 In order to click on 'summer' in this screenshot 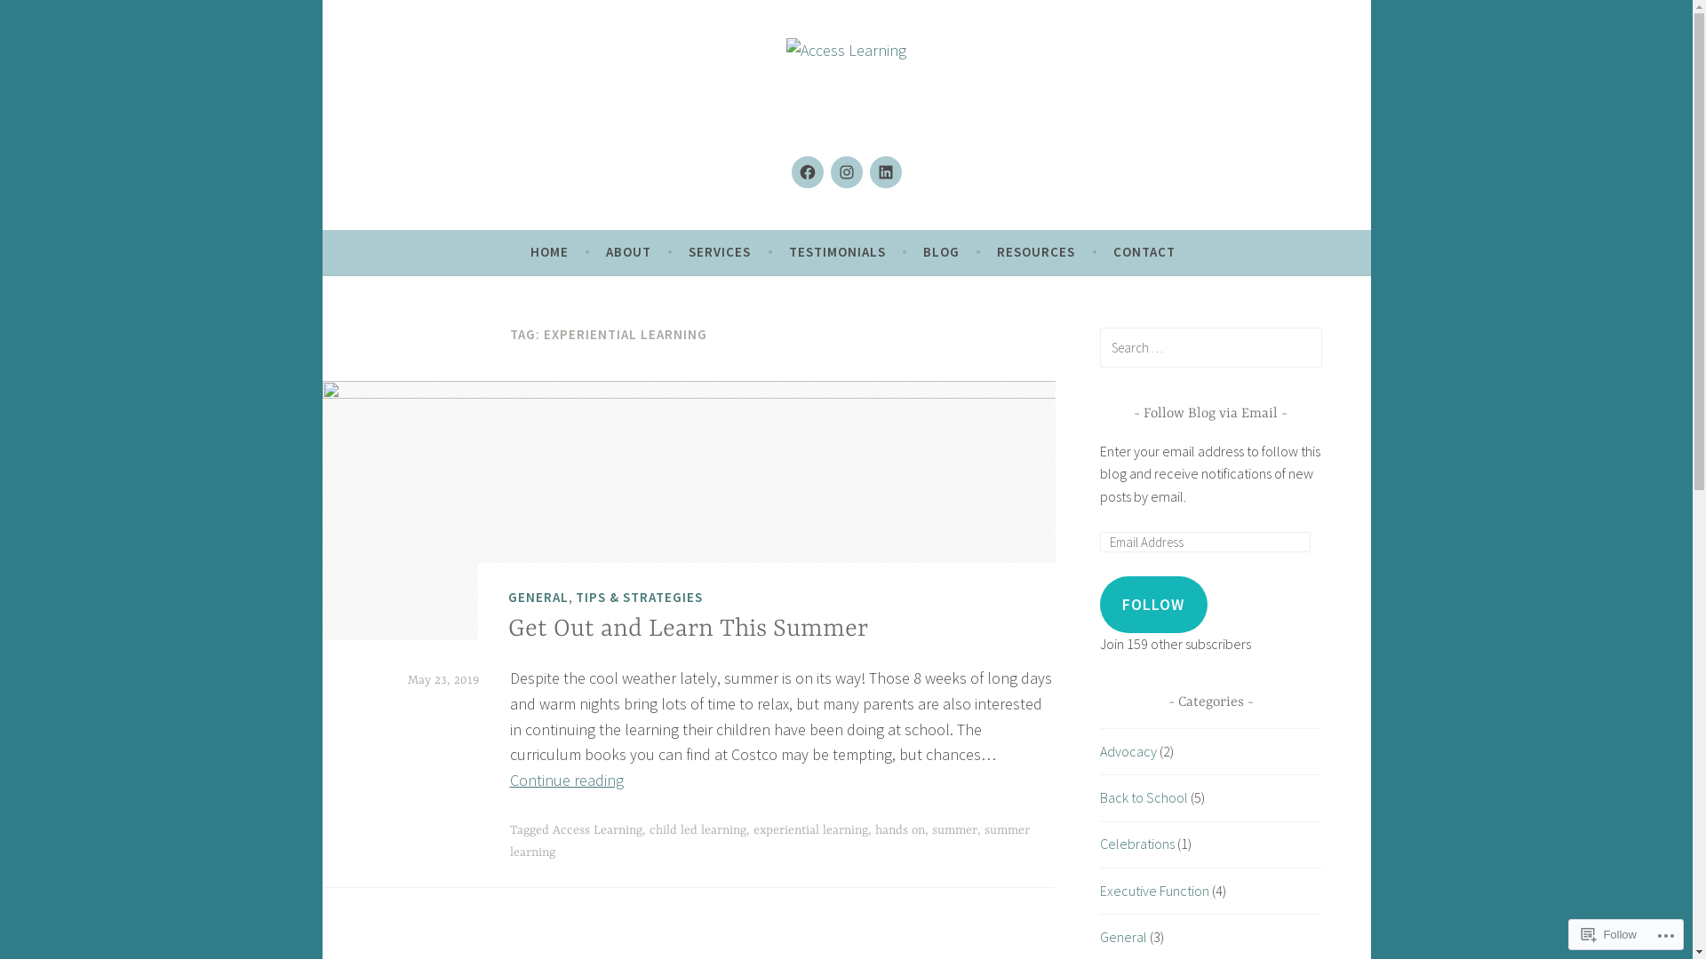, I will do `click(953, 829)`.